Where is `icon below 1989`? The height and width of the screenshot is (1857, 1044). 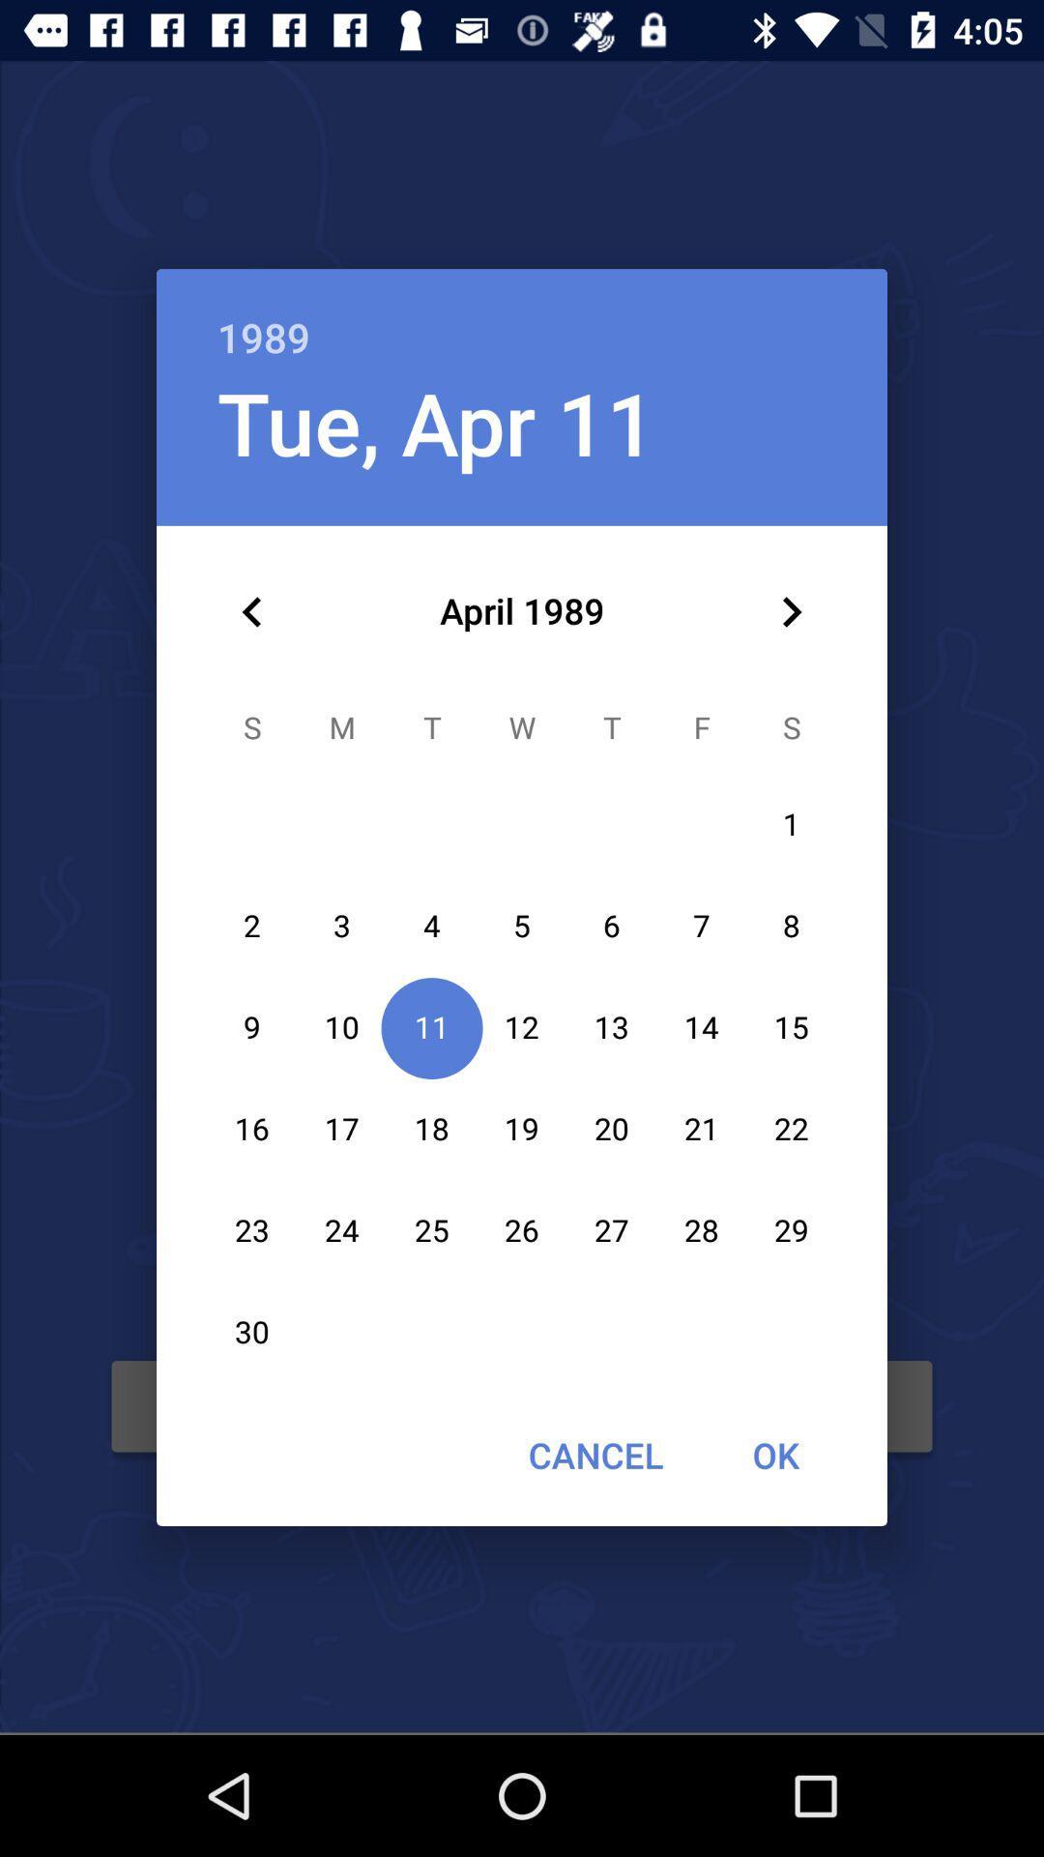
icon below 1989 is located at coordinates (436, 421).